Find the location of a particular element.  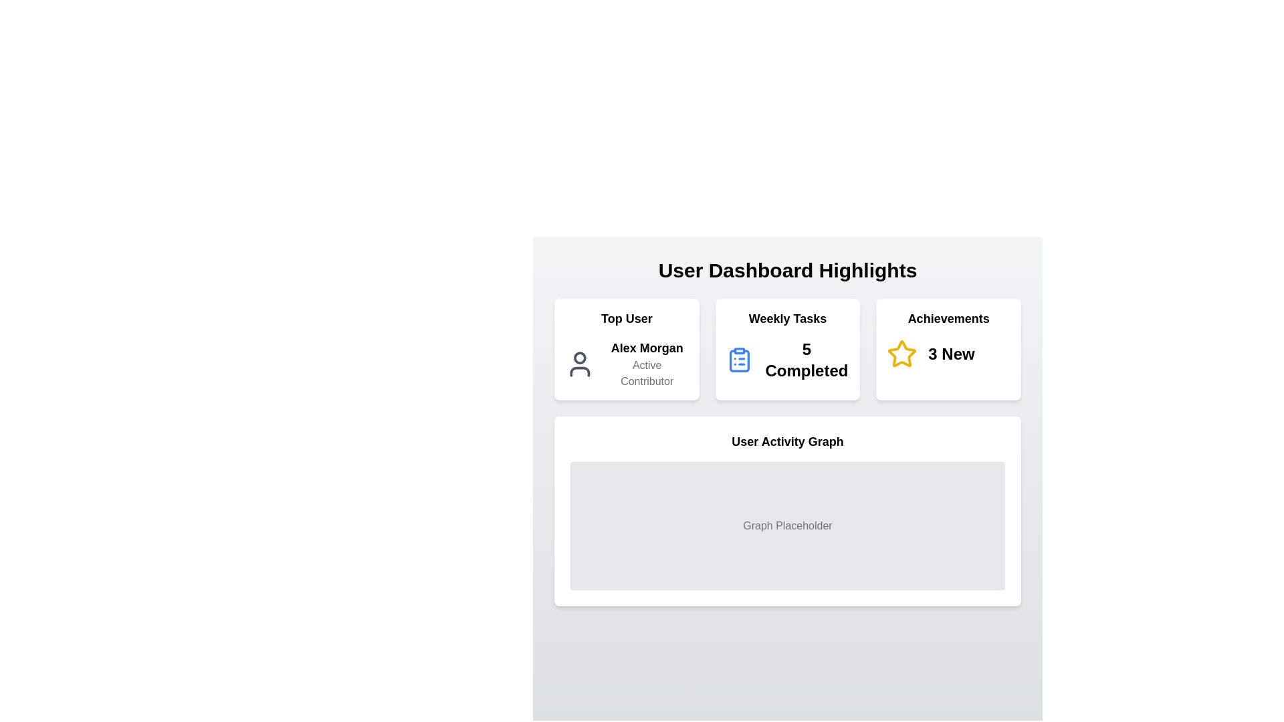

details displayed on the informational card that highlights the top user of the platform, positioned at the top left corner of a grid layout is located at coordinates (626, 349).